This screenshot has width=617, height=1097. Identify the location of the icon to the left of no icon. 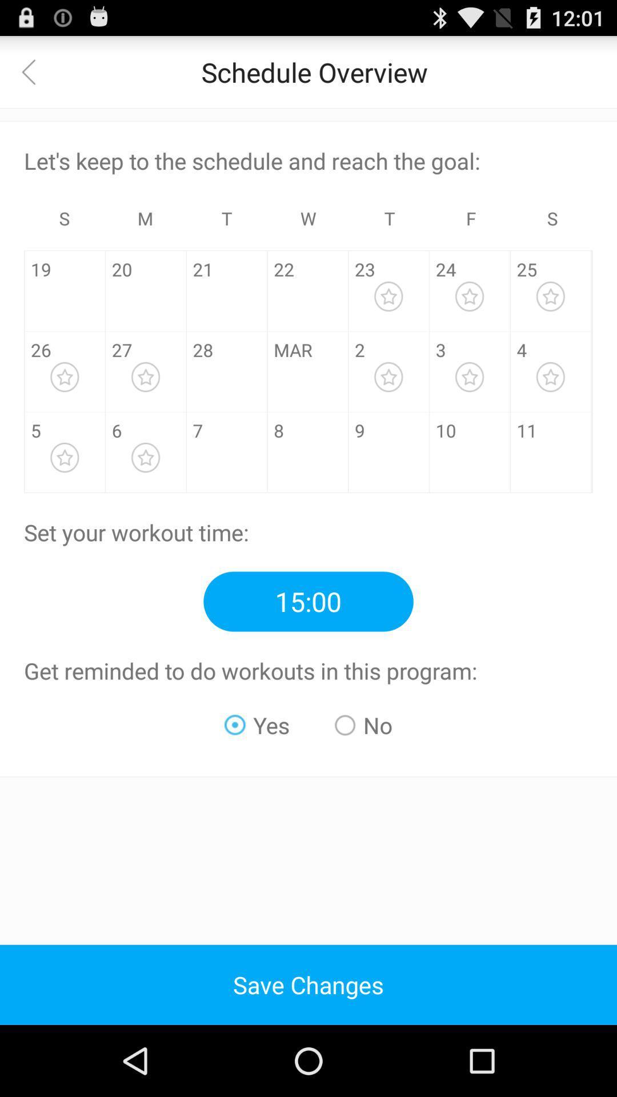
(257, 724).